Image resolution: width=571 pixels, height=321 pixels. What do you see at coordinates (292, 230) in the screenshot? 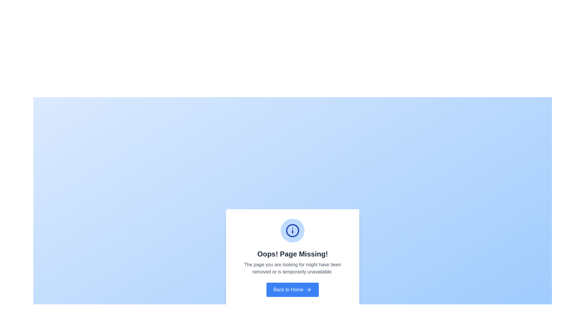
I see `the decorative icon that symbolizes information or an alert, located above the text 'Oops! Page Missing!' in the dialog box` at bounding box center [292, 230].